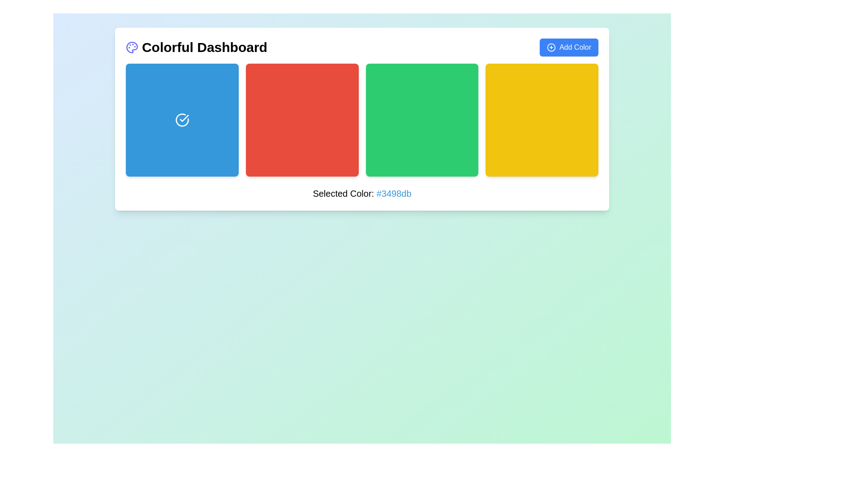 The height and width of the screenshot is (484, 860). I want to click on the fourth button in the grid, which is used for selecting the yellow color, so click(542, 119).